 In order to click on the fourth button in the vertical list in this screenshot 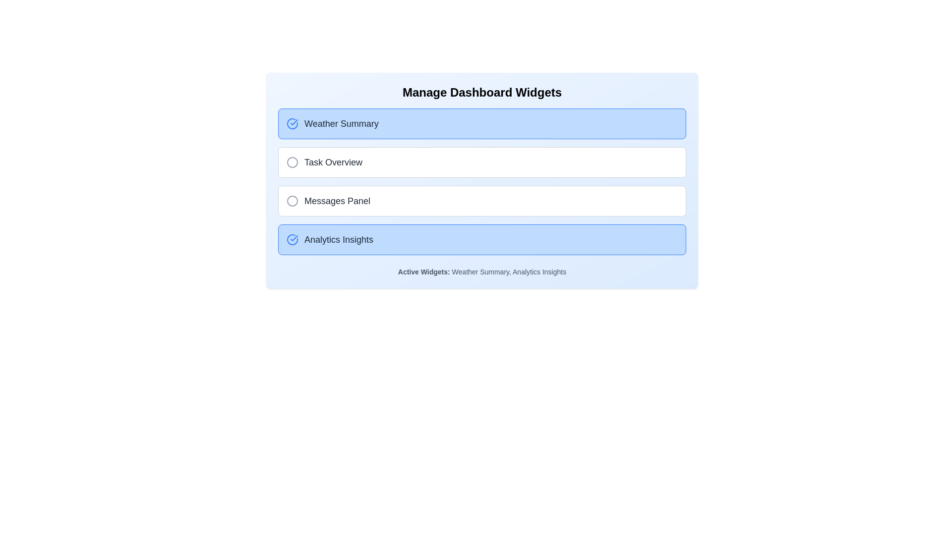, I will do `click(482, 239)`.